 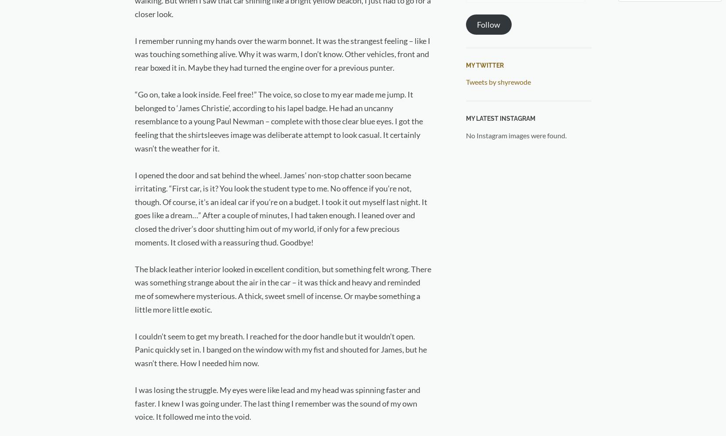 I want to click on 'I opened the door and sat behind the wheel. James’ non-stop chatter soon became irritating. “First car, is it? You look the student type to me. No offence if you’re not, though. Of course, it’s an ideal car if you’re on a budget. I took it out myself last night. It goes like a dream…” After a couple of minutes, I had taken enough. I leaned over and closed the driver’s door shutting him out of my world, if only for a few precious moments. It closed with a reassuring thud. Goodbye!', so click(x=280, y=208).